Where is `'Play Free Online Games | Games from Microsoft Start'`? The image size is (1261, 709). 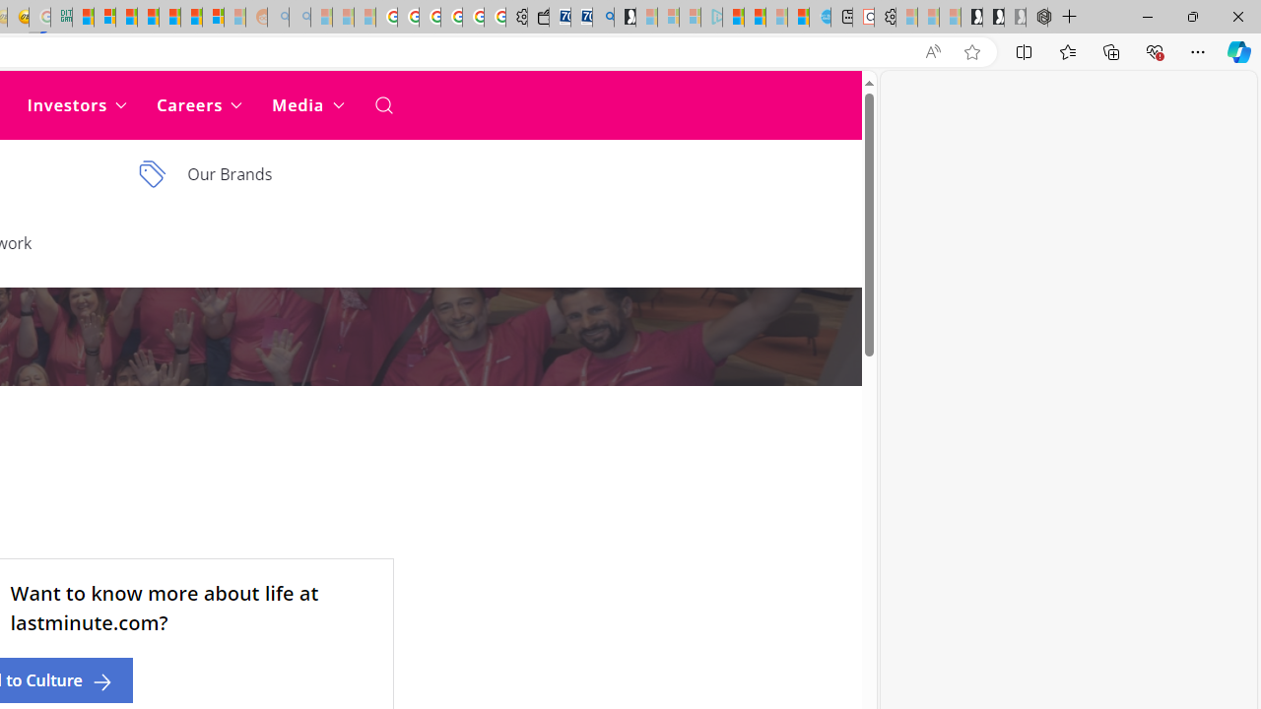
'Play Free Online Games | Games from Microsoft Start' is located at coordinates (971, 17).